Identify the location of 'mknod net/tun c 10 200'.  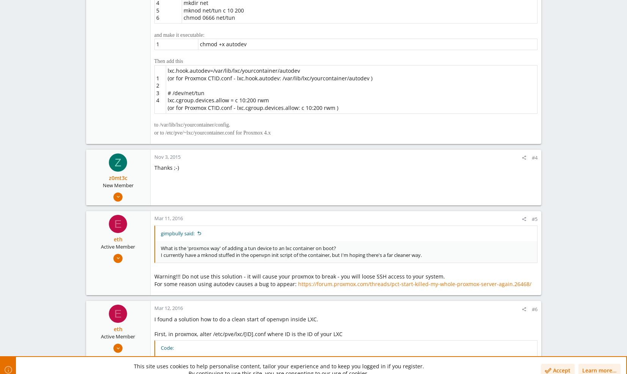
(213, 9).